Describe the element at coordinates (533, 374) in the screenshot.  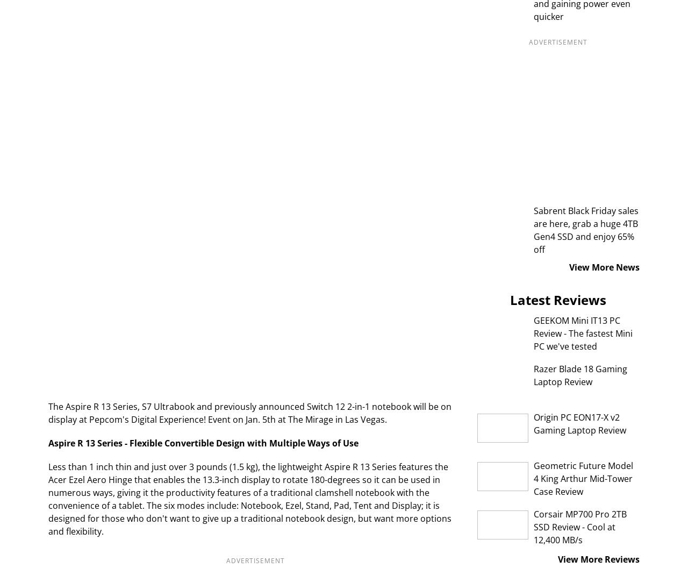
I see `'Razer Blade 18 Gaming Laptop Review'` at that location.